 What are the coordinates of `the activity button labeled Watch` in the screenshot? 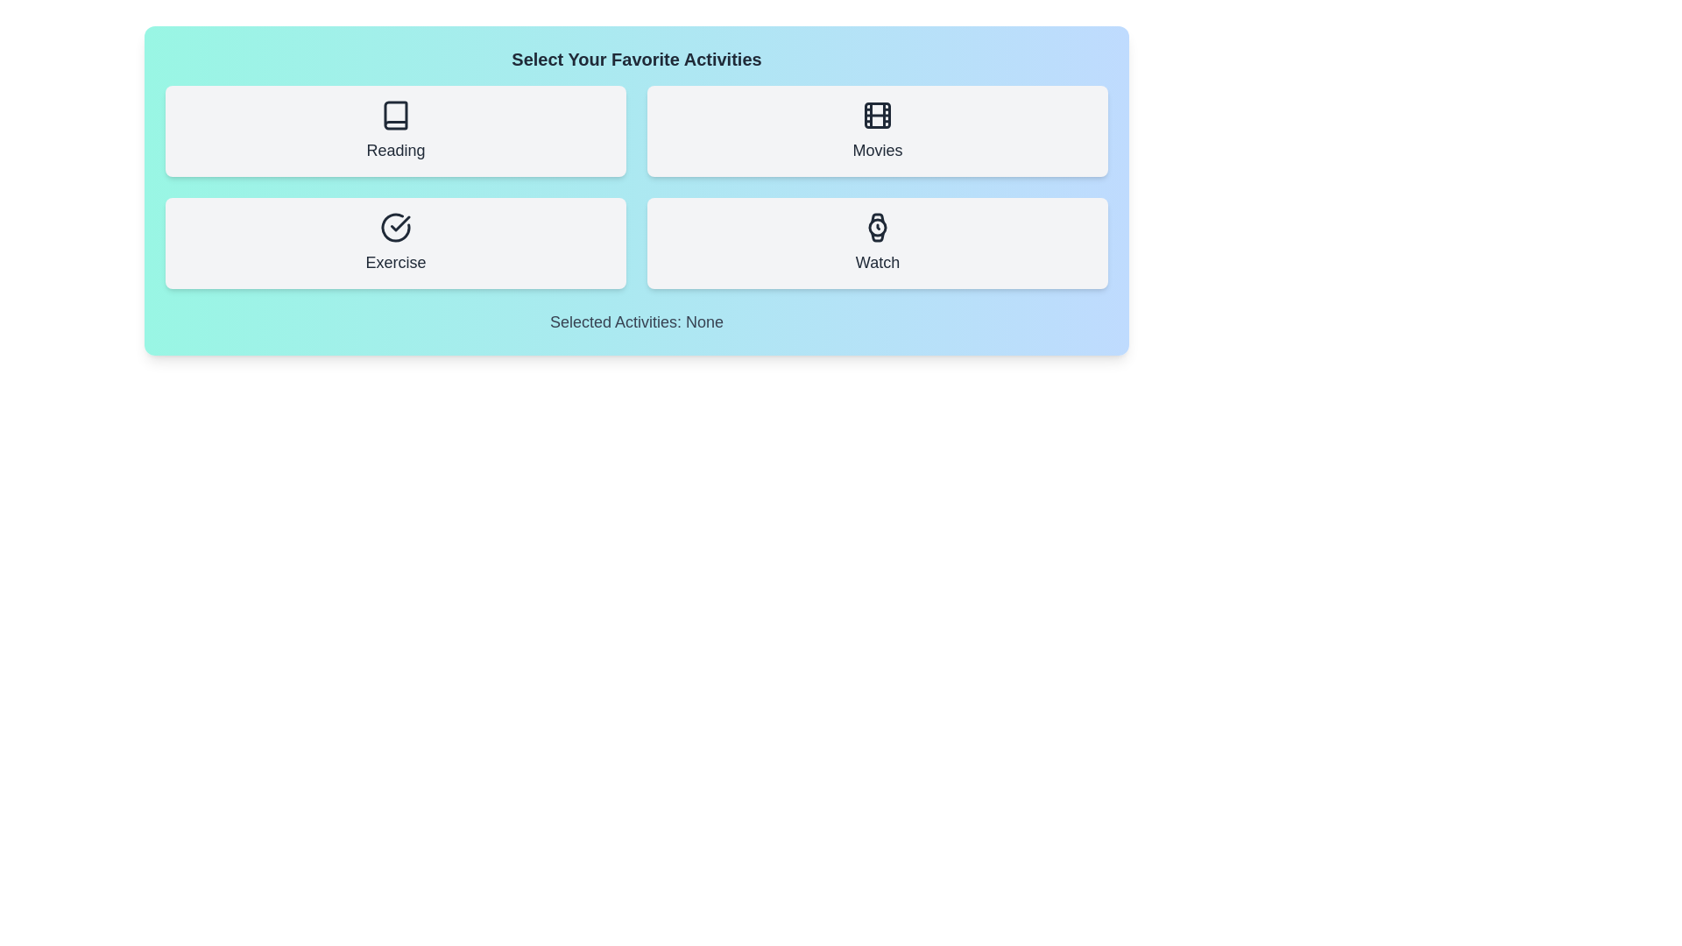 It's located at (878, 243).